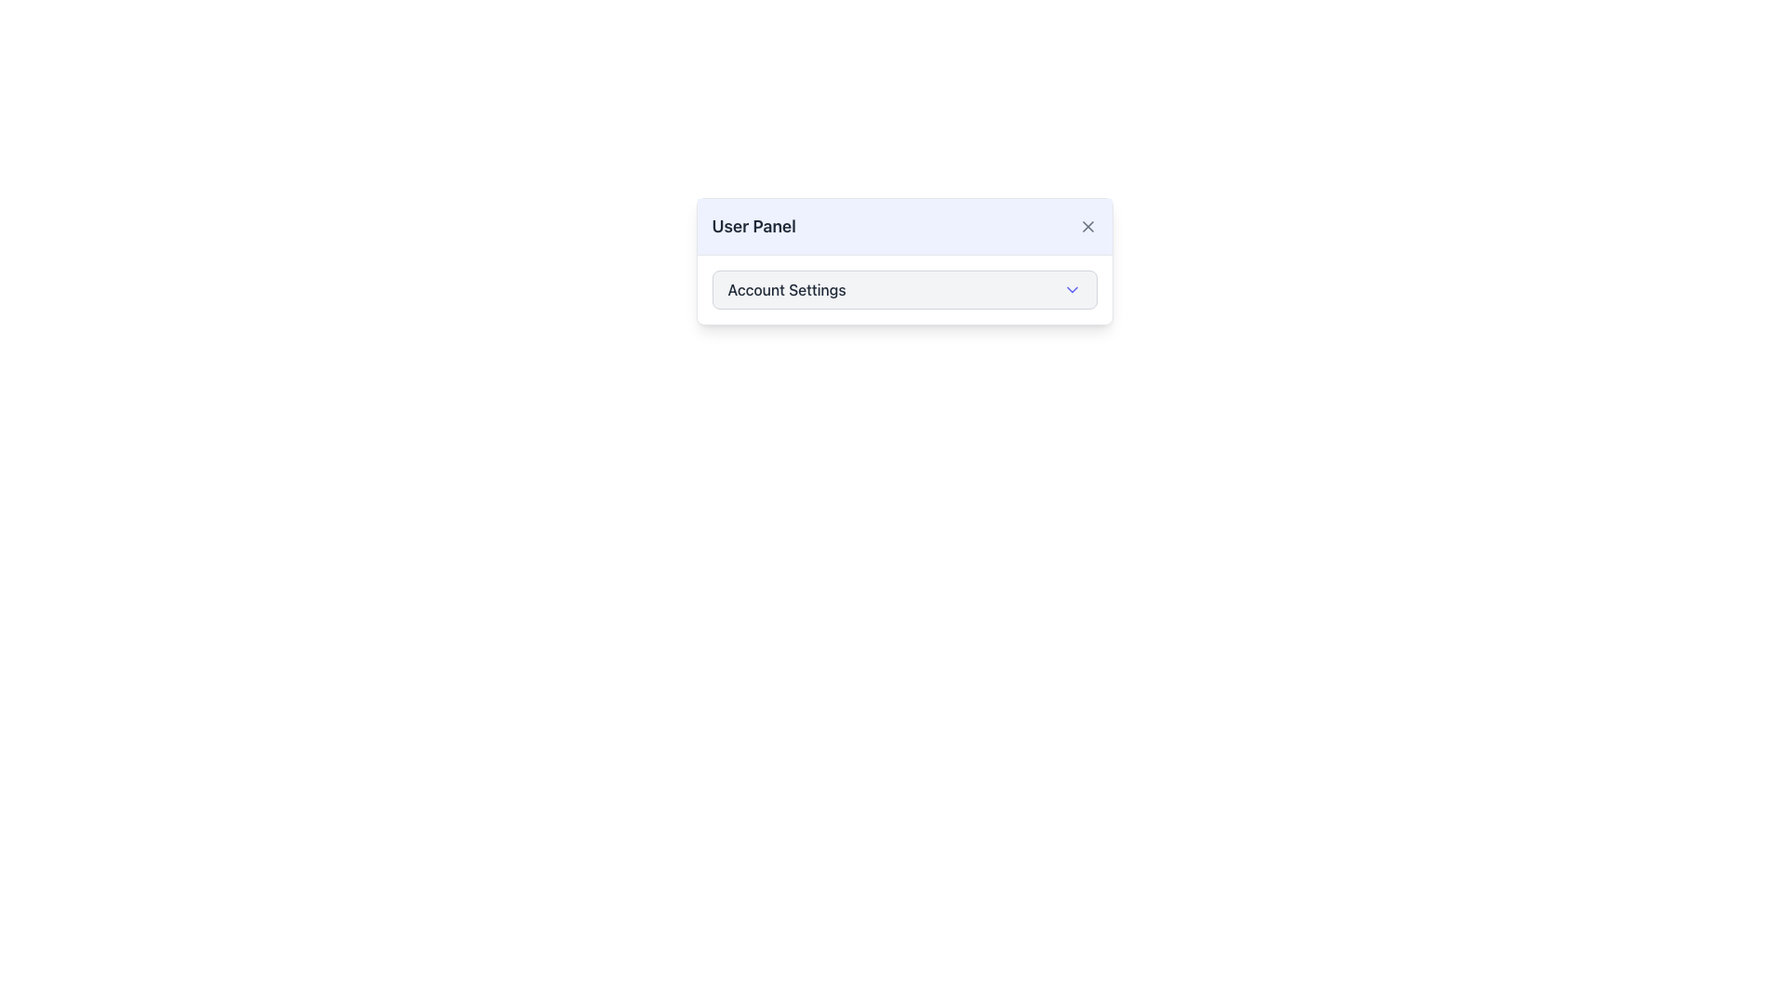 The image size is (1786, 1004). I want to click on the dropdown menu trigger located in the User Panel, so click(904, 290).